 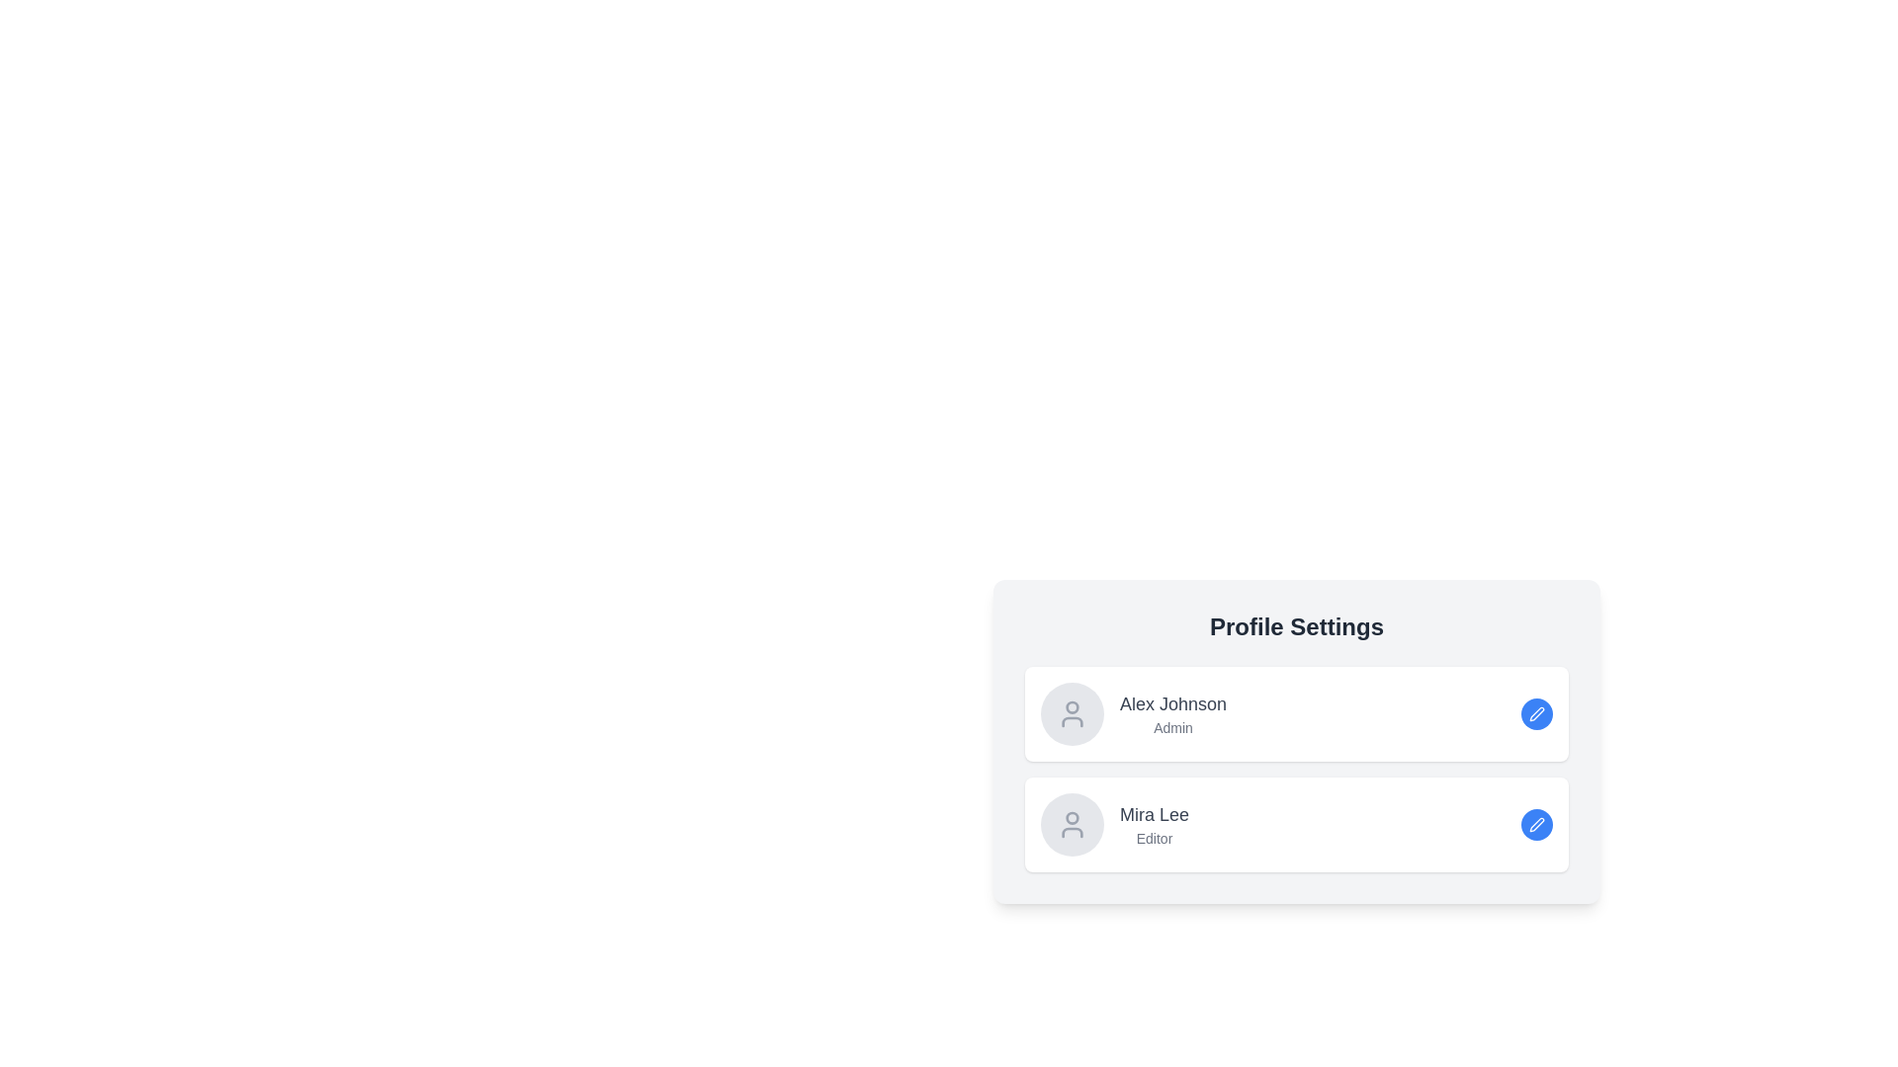 What do you see at coordinates (1536, 824) in the screenshot?
I see `the interactive button` at bounding box center [1536, 824].